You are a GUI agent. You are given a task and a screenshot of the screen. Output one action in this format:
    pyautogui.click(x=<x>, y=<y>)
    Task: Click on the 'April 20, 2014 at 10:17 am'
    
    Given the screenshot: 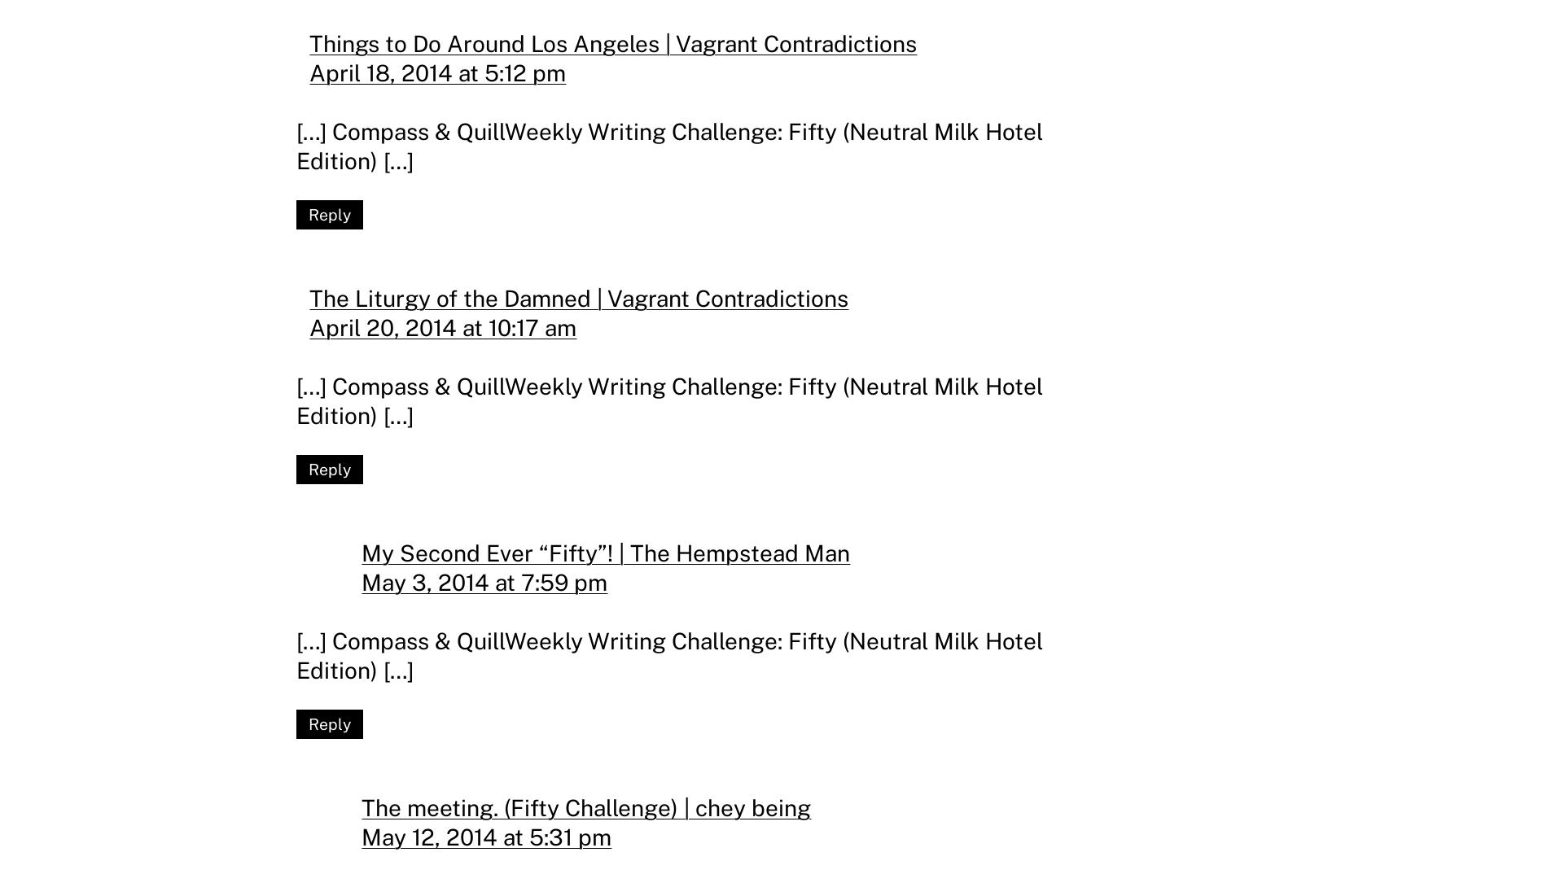 What is the action you would take?
    pyautogui.click(x=442, y=327)
    